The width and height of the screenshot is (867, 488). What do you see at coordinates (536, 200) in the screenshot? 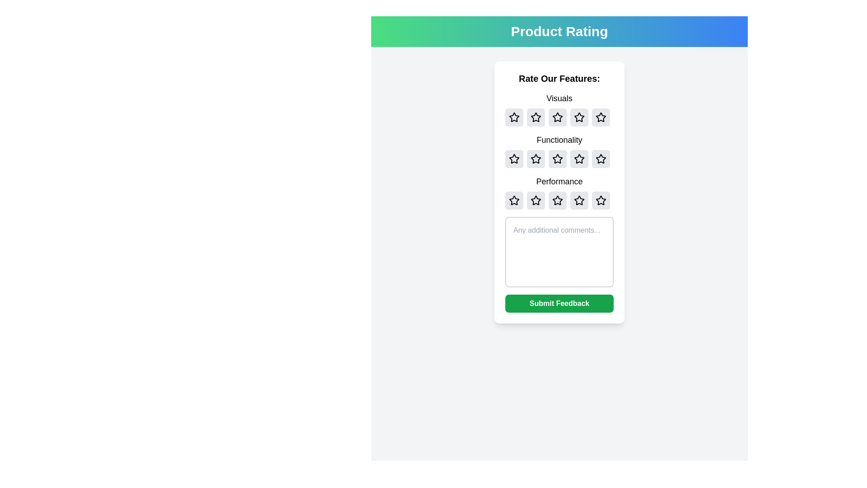
I see `the second star-shaped icon in the Performance rating group to trigger a visual response` at bounding box center [536, 200].